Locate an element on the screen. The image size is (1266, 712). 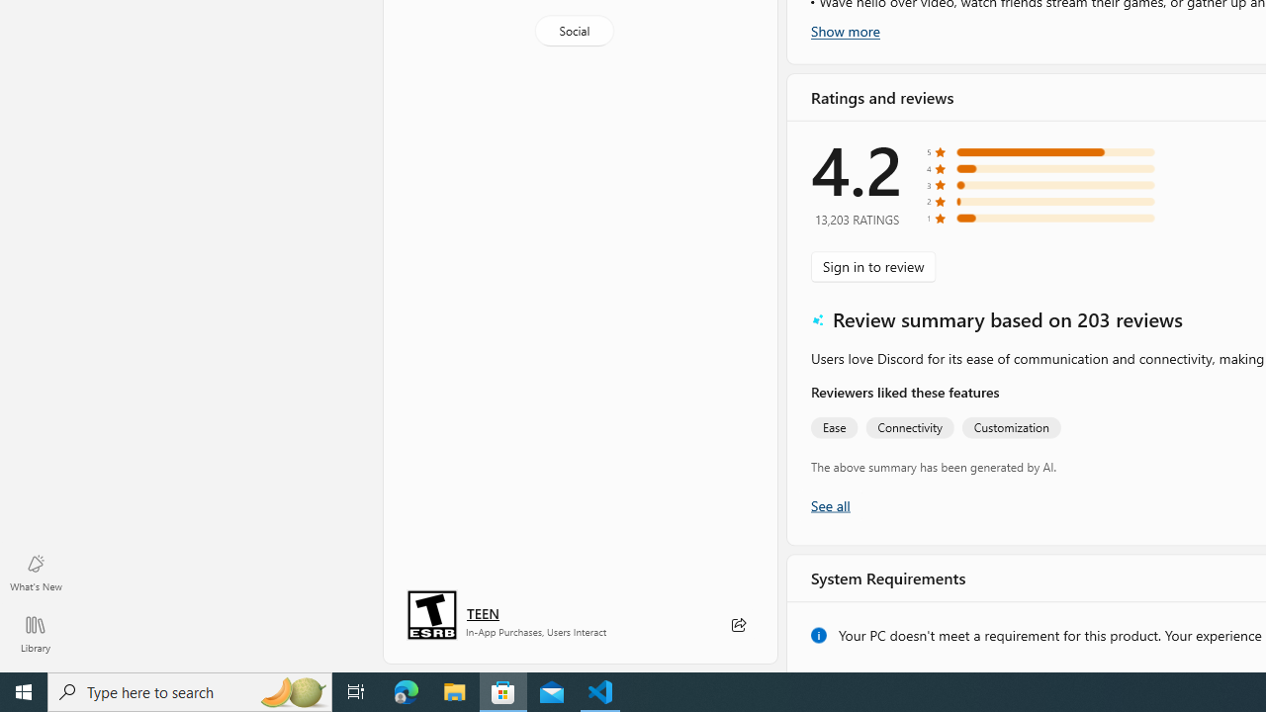
'Age rating: TEEN. Click for more information.' is located at coordinates (483, 611).